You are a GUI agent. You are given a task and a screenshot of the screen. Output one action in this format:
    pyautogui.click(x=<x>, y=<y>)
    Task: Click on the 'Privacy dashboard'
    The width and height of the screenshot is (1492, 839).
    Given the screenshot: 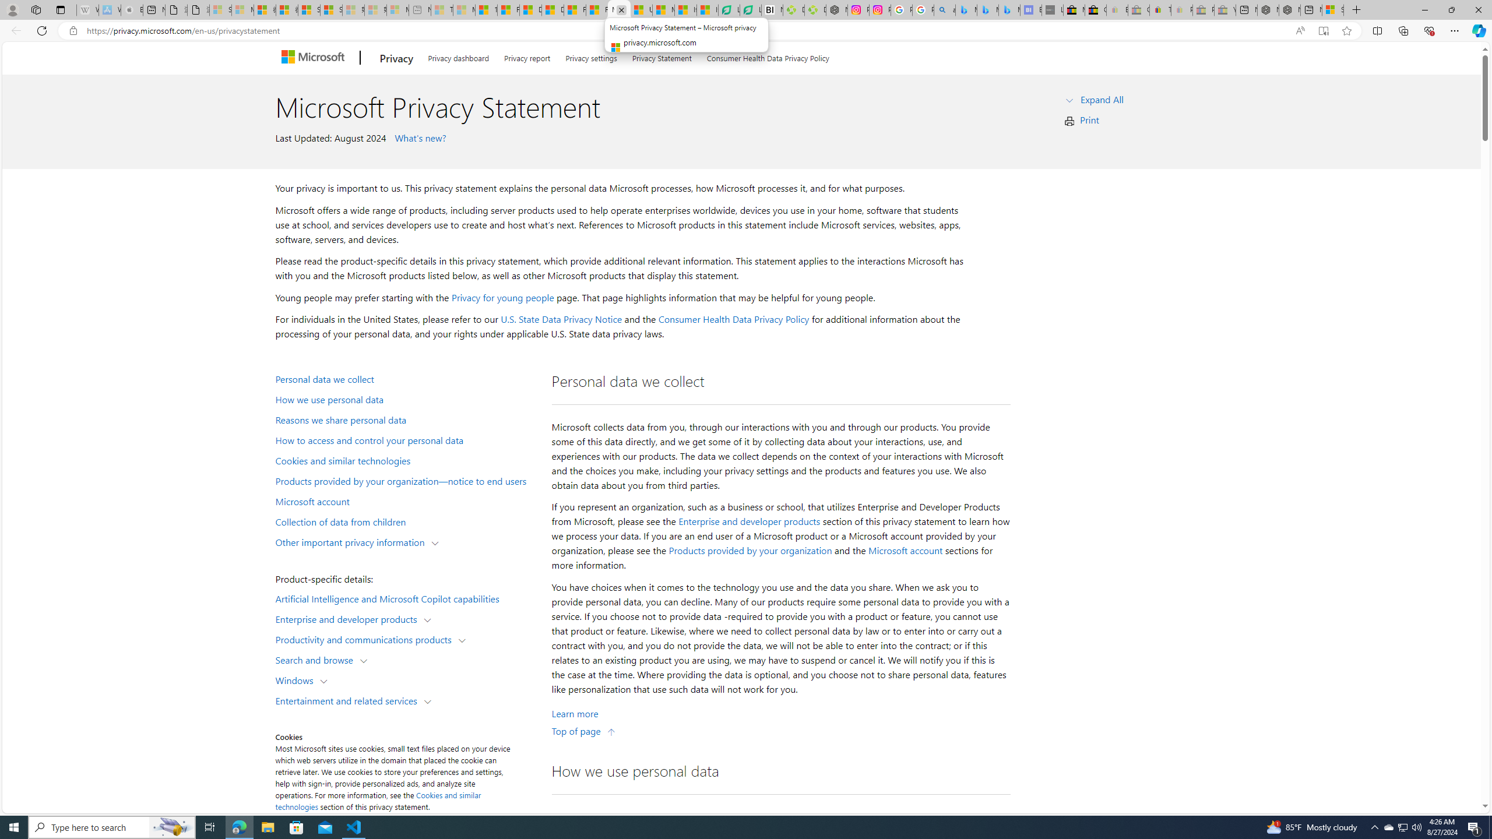 What is the action you would take?
    pyautogui.click(x=458, y=55)
    